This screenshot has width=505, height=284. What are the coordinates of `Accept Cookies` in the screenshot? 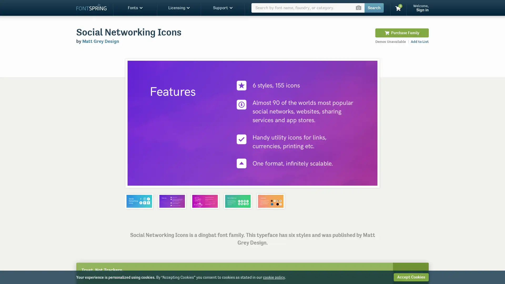 It's located at (411, 277).